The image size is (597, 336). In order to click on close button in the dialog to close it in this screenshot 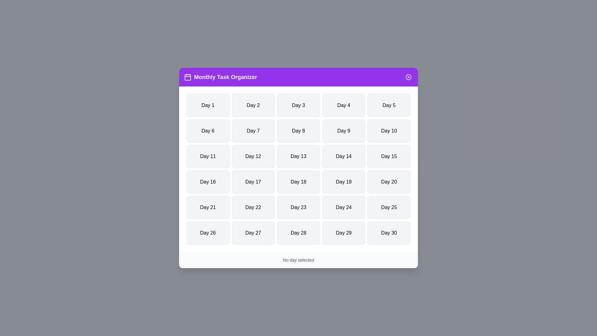, I will do `click(409, 77)`.